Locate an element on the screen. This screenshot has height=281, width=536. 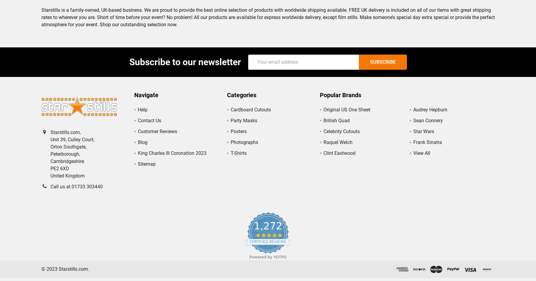
'Starstills.com,' is located at coordinates (50, 137).